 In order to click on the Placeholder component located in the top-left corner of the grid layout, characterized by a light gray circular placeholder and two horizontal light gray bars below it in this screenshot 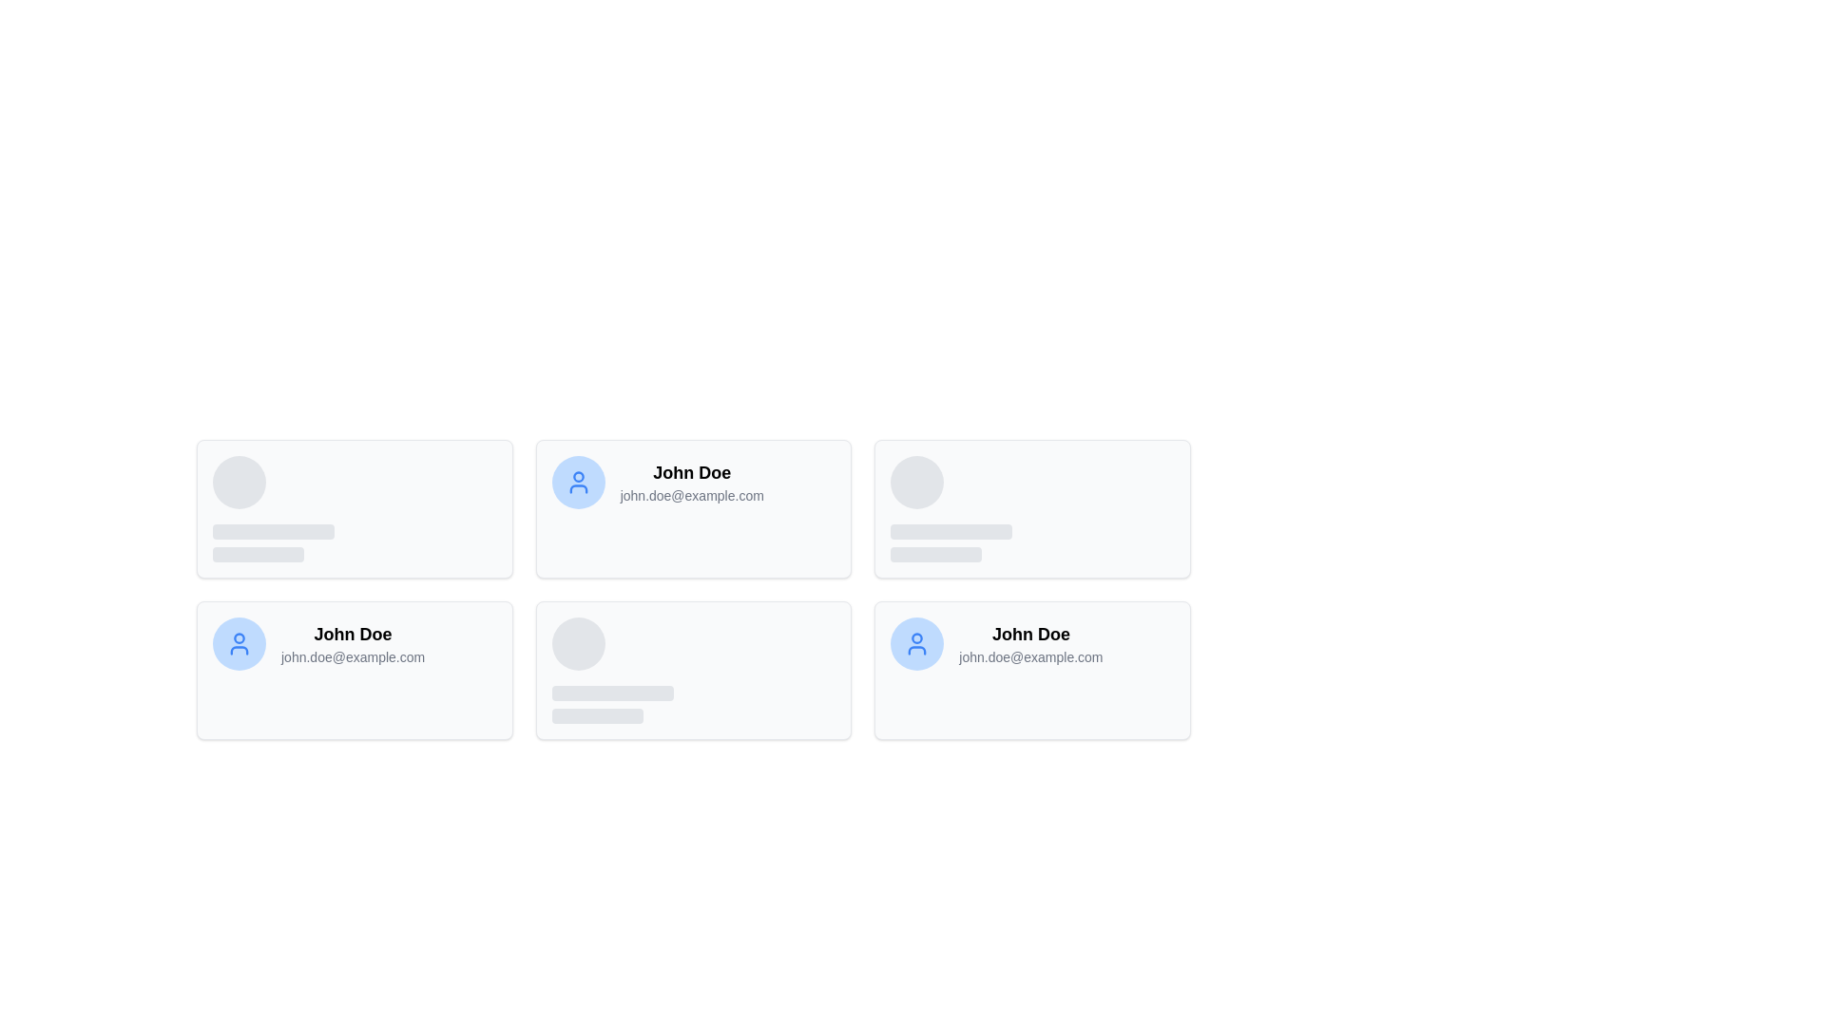, I will do `click(273, 508)`.